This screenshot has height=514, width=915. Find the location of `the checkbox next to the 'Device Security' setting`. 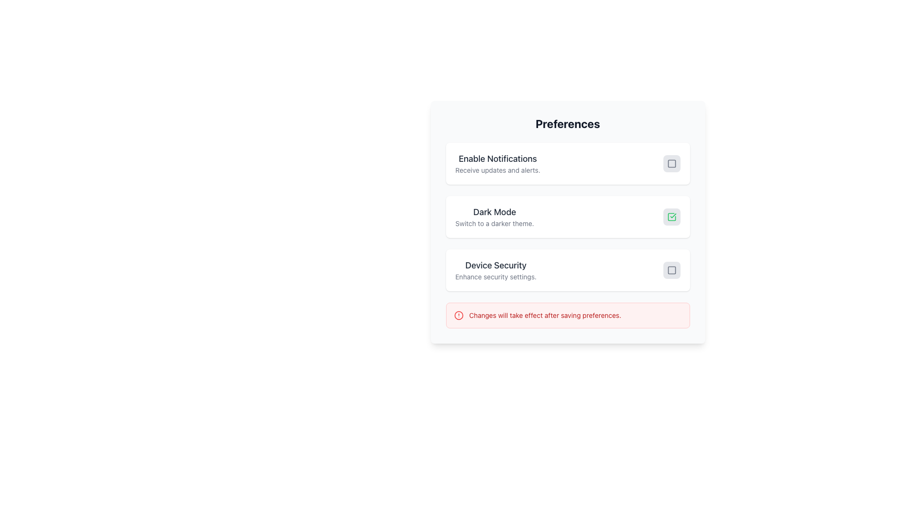

the checkbox next to the 'Device Security' setting is located at coordinates (568, 270).